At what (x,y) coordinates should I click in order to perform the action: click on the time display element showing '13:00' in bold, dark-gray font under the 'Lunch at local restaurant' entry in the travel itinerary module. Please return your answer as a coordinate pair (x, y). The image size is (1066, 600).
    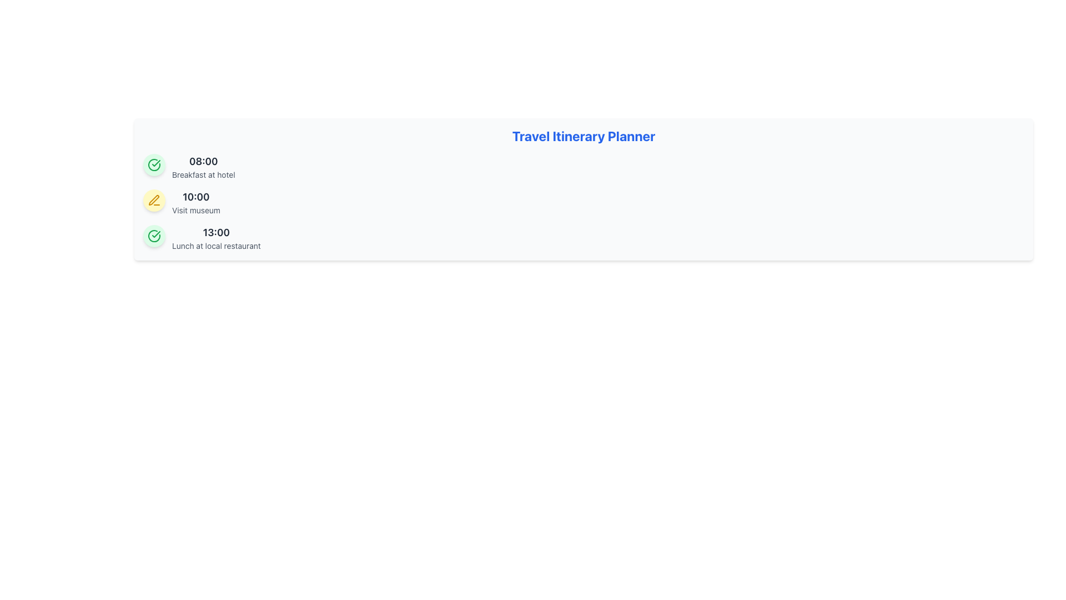
    Looking at the image, I should click on (216, 232).